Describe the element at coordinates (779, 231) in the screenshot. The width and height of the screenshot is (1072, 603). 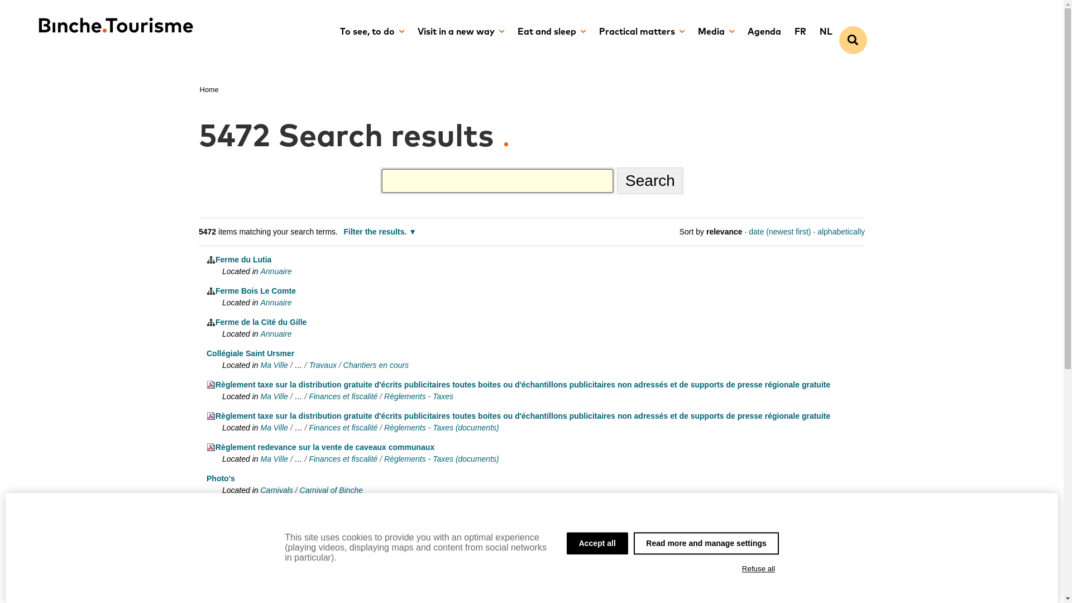
I see `'date (newest first)'` at that location.